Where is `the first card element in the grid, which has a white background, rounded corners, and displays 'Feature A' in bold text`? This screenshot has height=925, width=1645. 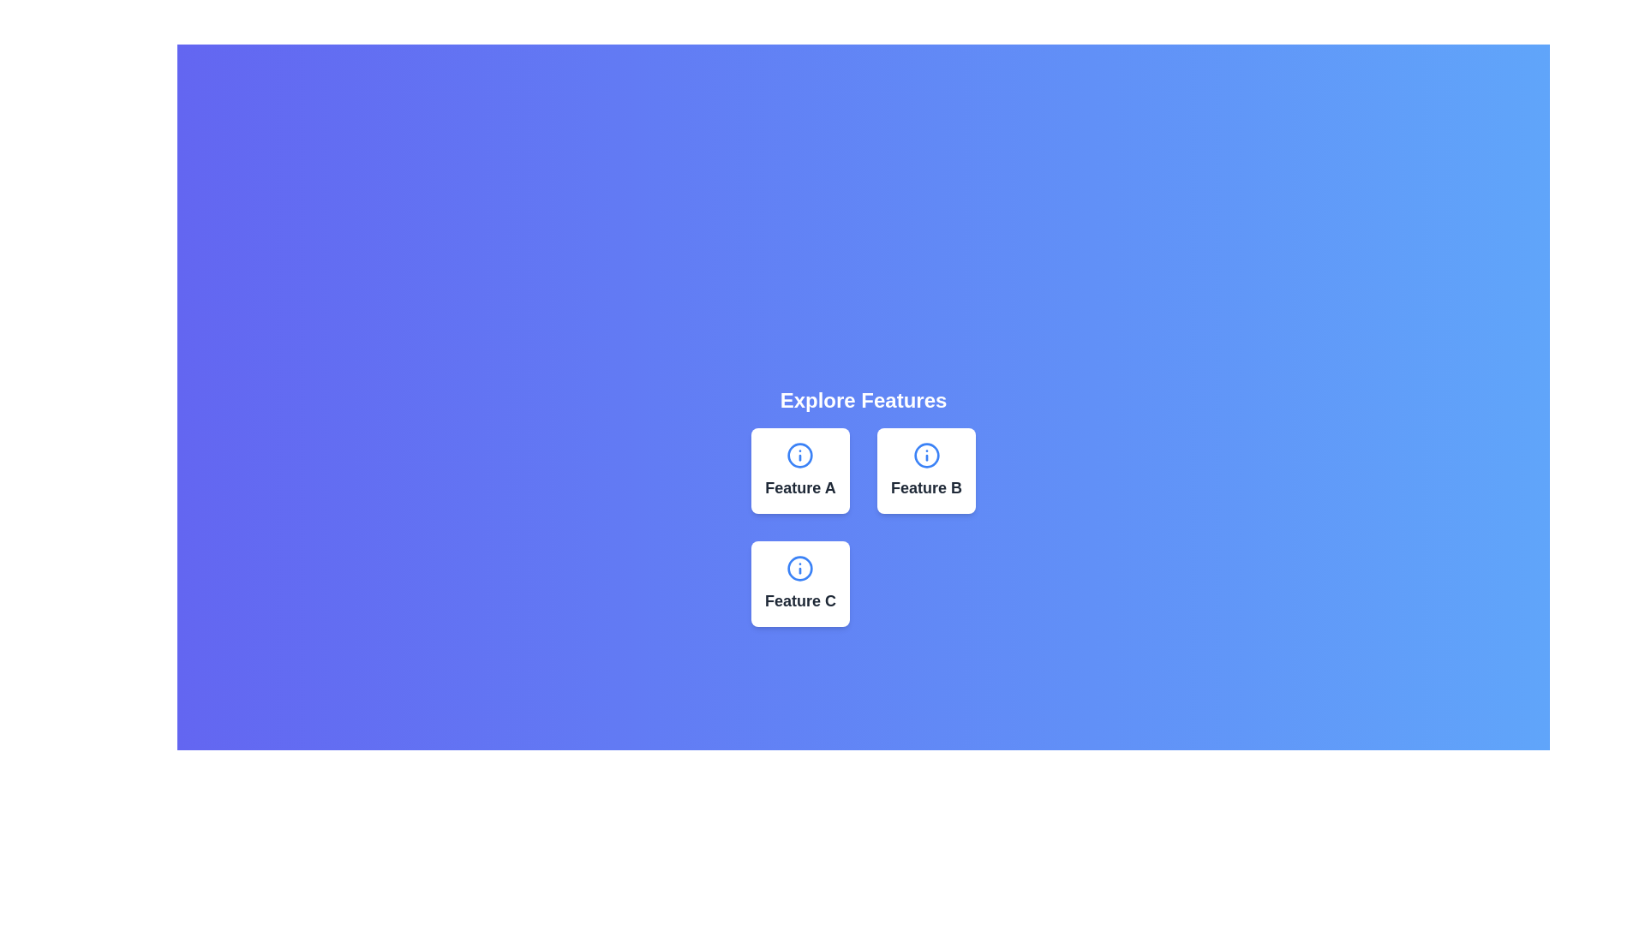
the first card element in the grid, which has a white background, rounded corners, and displays 'Feature A' in bold text is located at coordinates (799, 471).